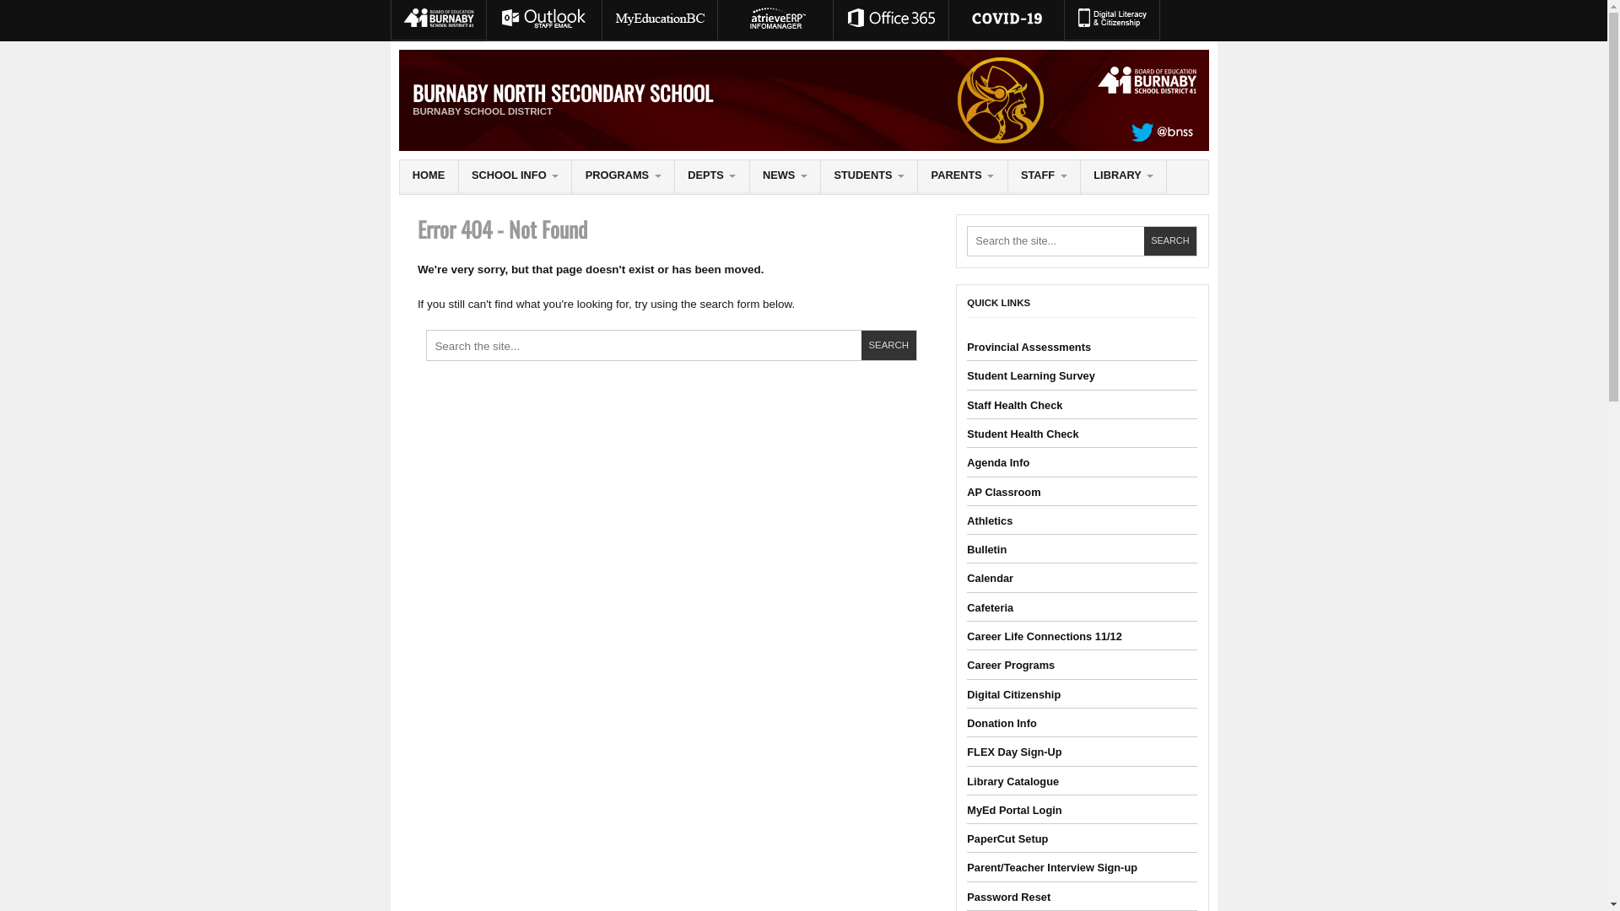  Describe the element at coordinates (989, 520) in the screenshot. I see `'Athletics'` at that location.